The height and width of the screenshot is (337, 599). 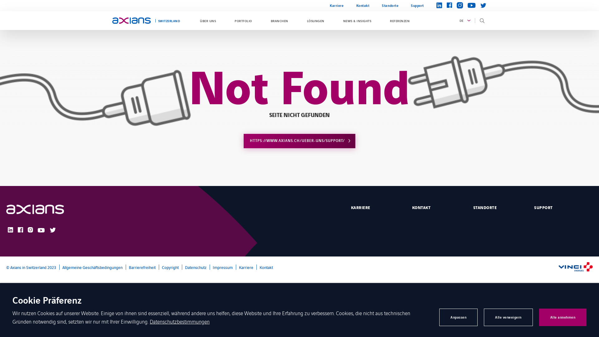 What do you see at coordinates (125, 267) in the screenshot?
I see `'Barrierefreiheit'` at bounding box center [125, 267].